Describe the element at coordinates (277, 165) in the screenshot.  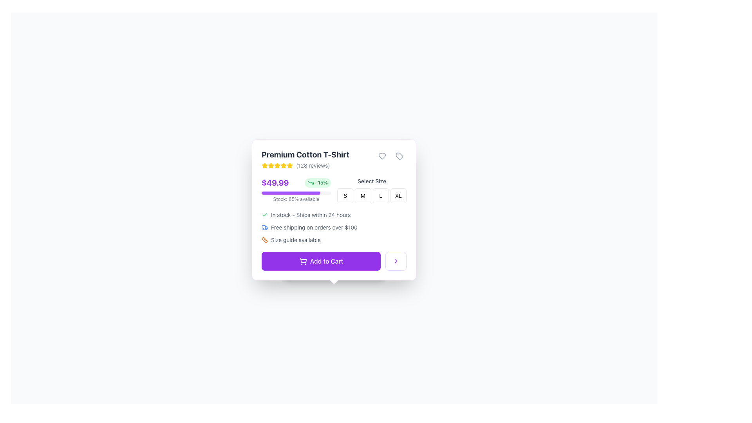
I see `the fourth star-shaped rating icon filled with yellow color, representing a 4-star rating, located above the product price` at that location.